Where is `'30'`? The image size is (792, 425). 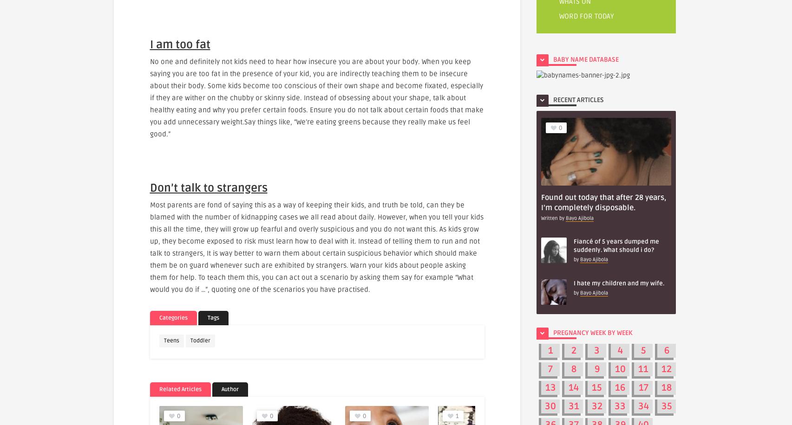
'30' is located at coordinates (550, 406).